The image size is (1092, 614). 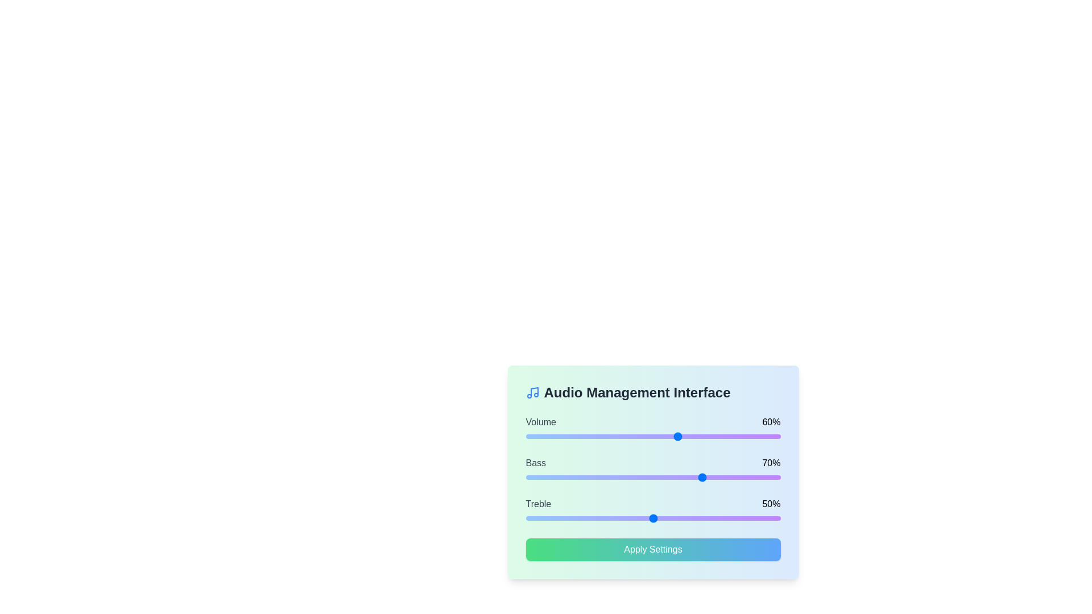 I want to click on the slider's value, so click(x=537, y=435).